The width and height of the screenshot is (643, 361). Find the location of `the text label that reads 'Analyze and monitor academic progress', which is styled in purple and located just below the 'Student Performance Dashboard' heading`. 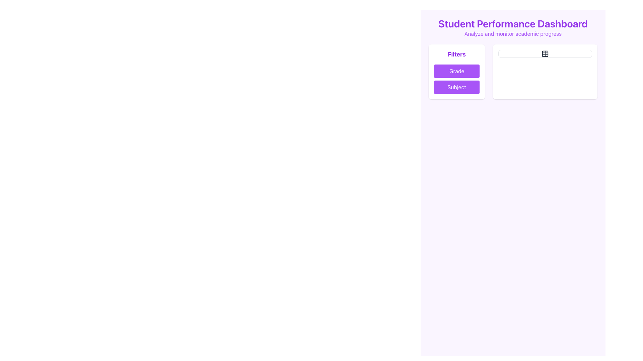

the text label that reads 'Analyze and monitor academic progress', which is styled in purple and located just below the 'Student Performance Dashboard' heading is located at coordinates (512, 33).